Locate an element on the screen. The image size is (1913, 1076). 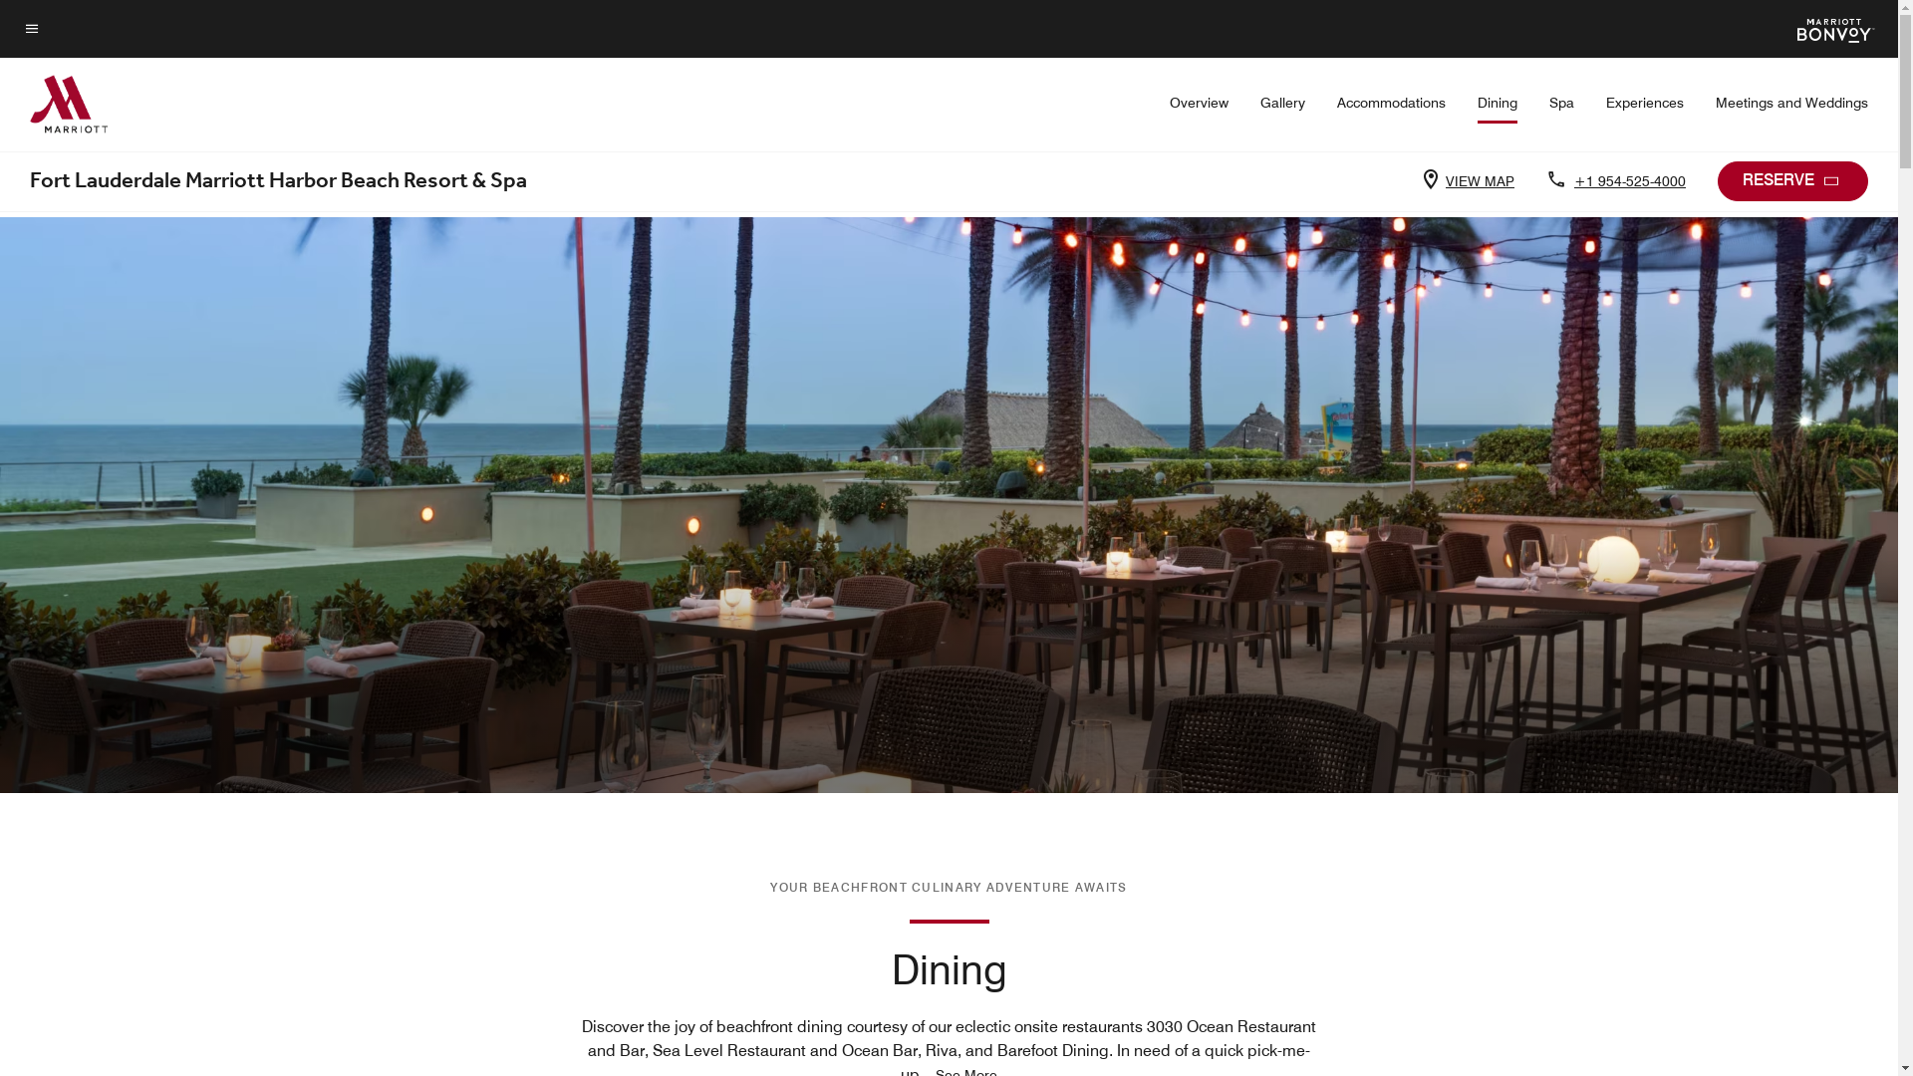
'Experiences' is located at coordinates (1645, 103).